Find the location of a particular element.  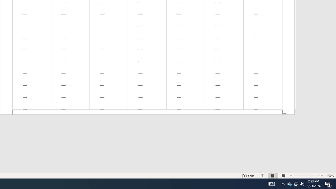

'Print Layout' is located at coordinates (273, 176).